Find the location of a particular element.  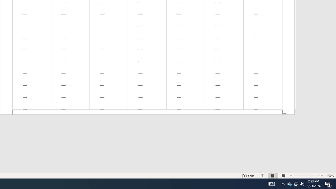

'Print Layout' is located at coordinates (273, 176).